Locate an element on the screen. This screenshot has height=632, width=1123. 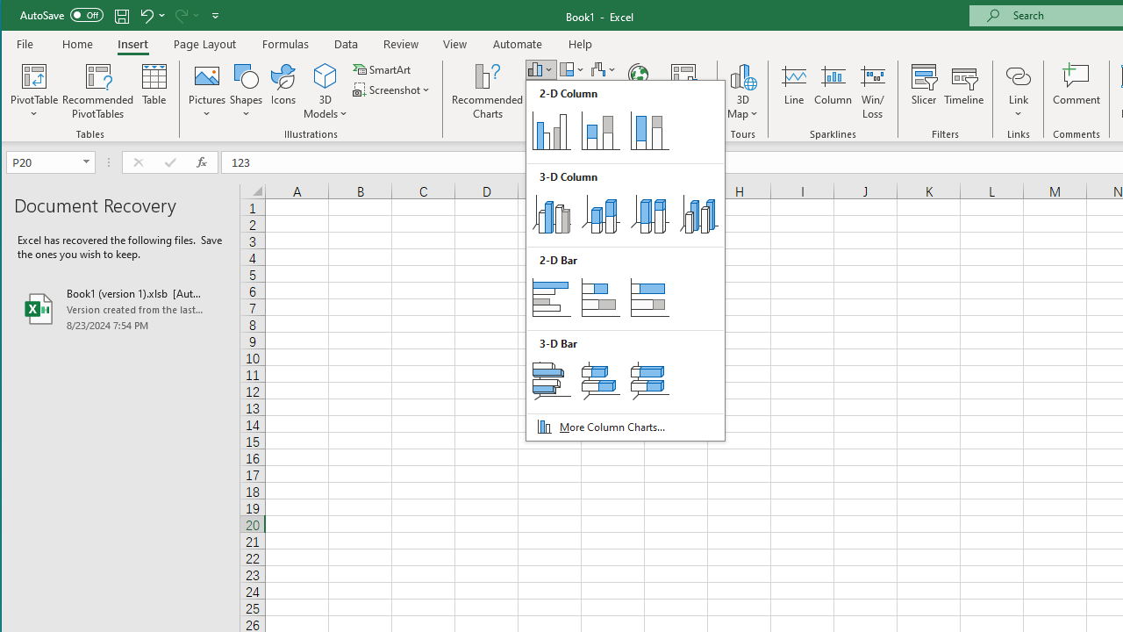
'Shapes' is located at coordinates (245, 91).